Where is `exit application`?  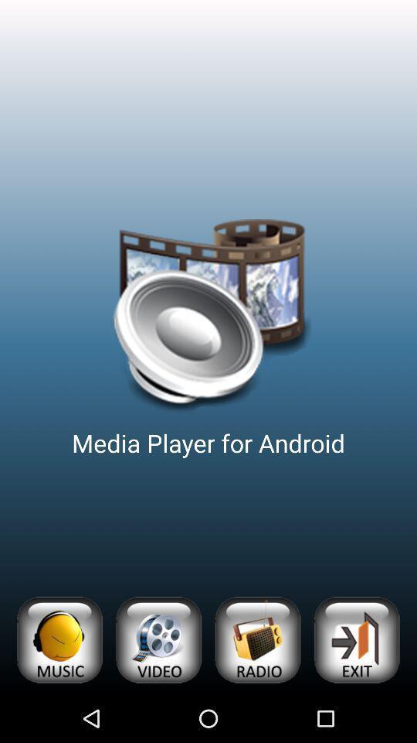 exit application is located at coordinates (356, 640).